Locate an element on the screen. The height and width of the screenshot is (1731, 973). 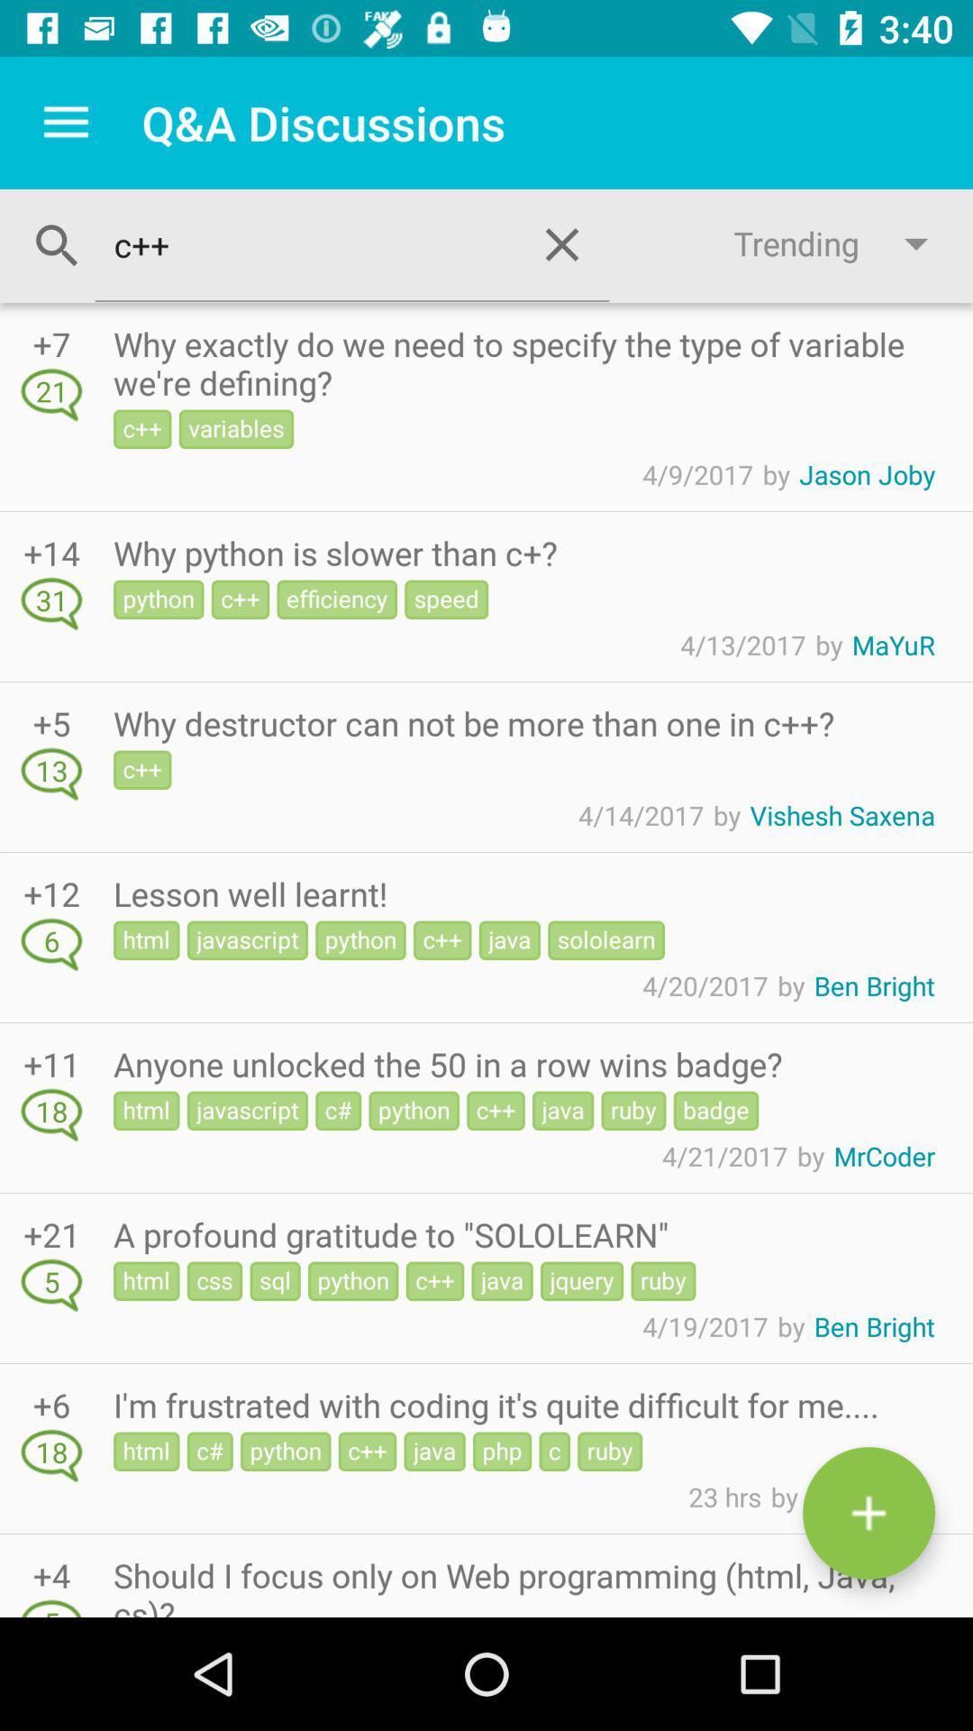
the close icon is located at coordinates (561, 243).